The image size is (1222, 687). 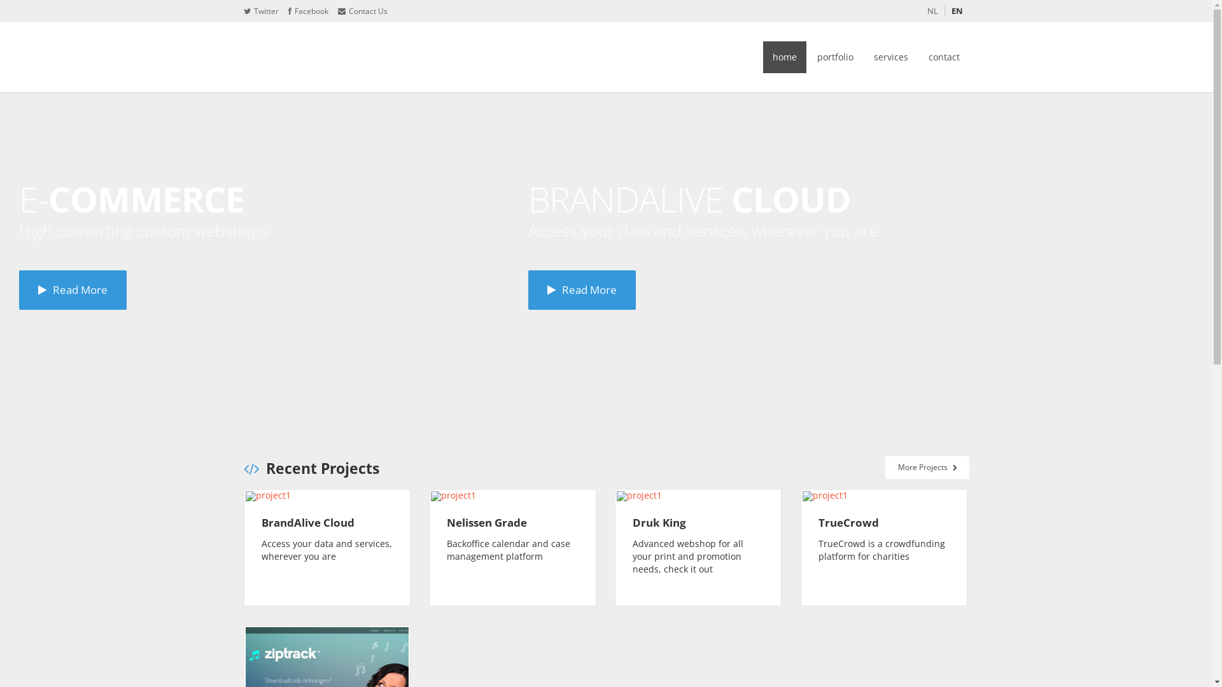 I want to click on 'Read More', so click(x=581, y=289).